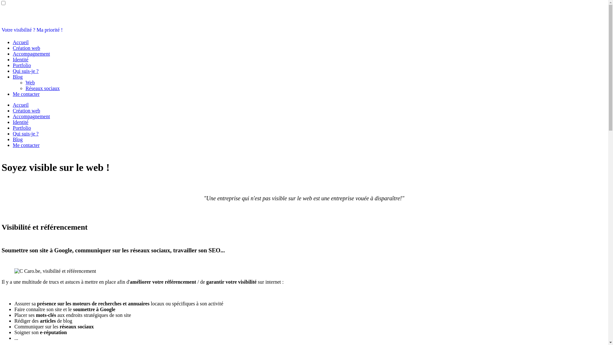 This screenshot has height=345, width=613. Describe the element at coordinates (21, 42) in the screenshot. I see `'Accueil'` at that location.